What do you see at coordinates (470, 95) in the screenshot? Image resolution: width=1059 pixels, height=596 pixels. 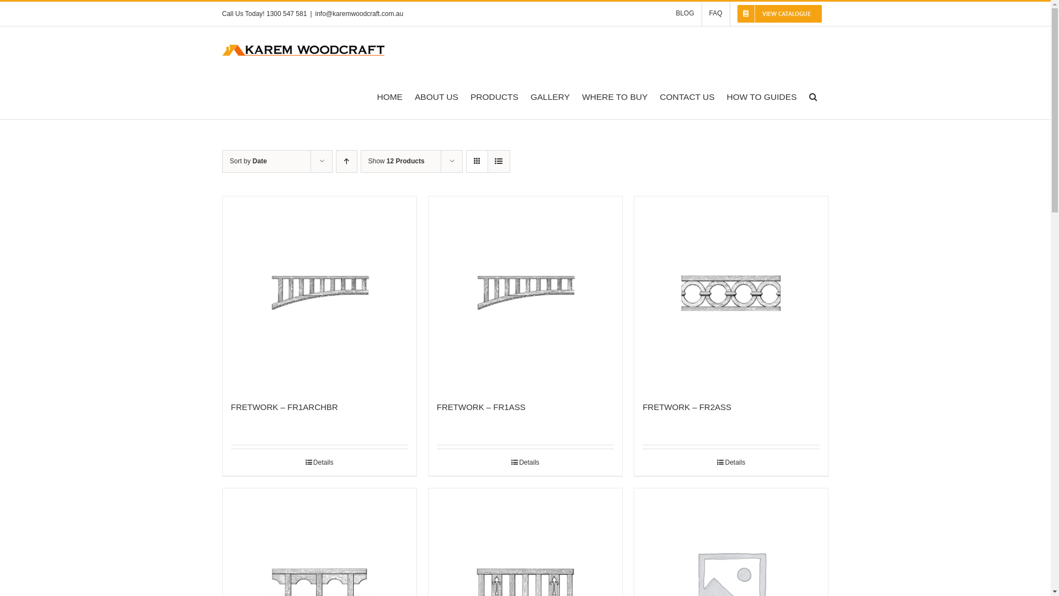 I see `'PRODUCTS'` at bounding box center [470, 95].